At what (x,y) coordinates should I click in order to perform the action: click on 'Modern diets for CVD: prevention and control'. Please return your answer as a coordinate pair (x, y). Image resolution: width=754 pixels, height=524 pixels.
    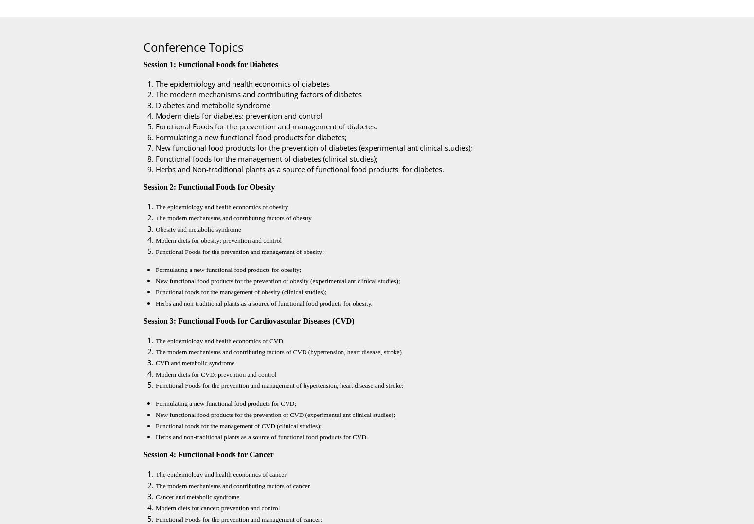
    Looking at the image, I should click on (155, 374).